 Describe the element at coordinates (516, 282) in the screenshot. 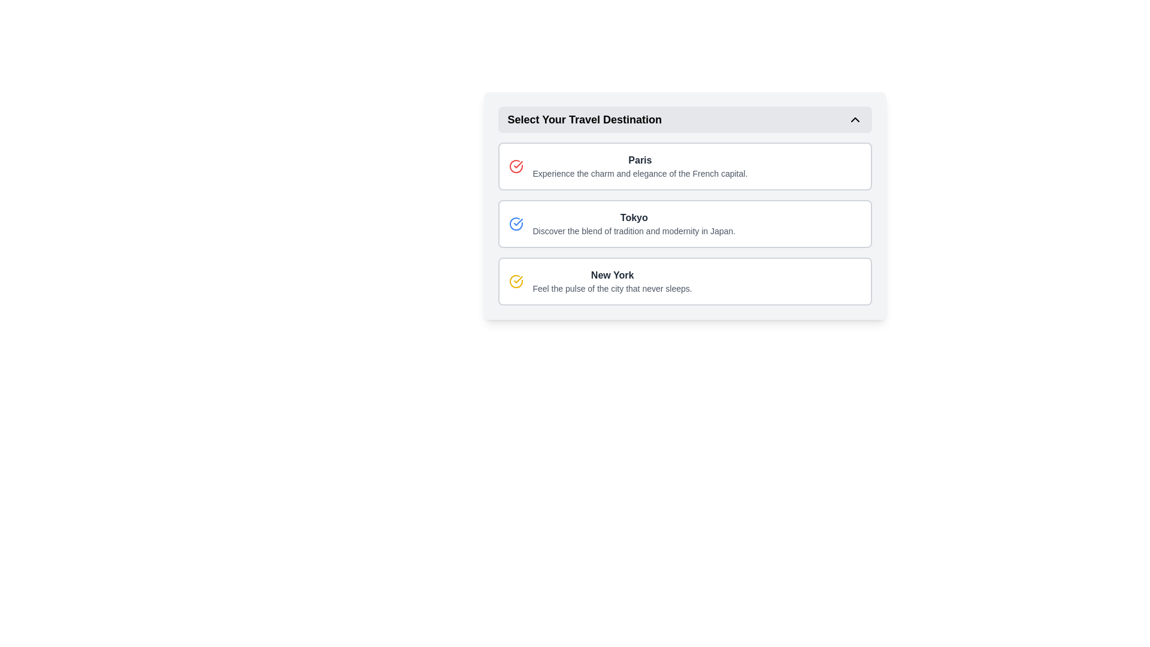

I see `the selection marker icon indicating 'New York'` at that location.